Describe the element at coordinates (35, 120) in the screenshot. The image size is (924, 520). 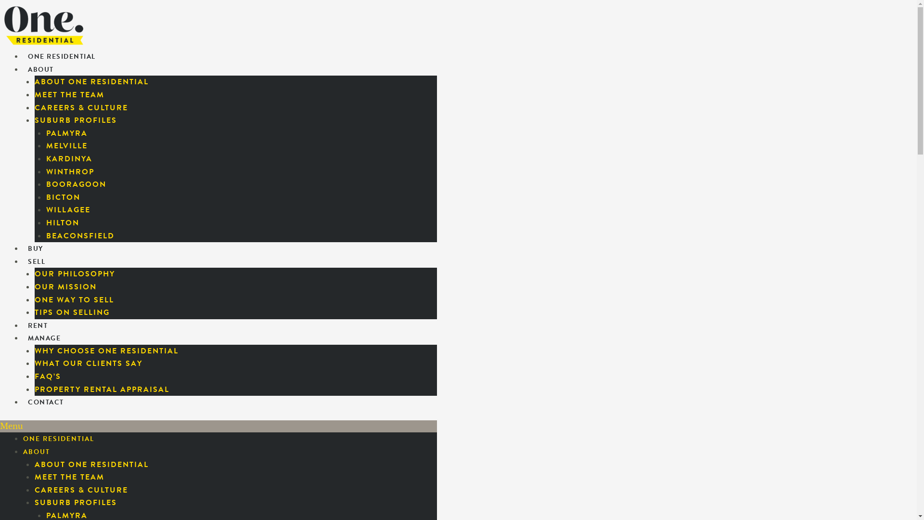
I see `'SUBURB PROFILES'` at that location.